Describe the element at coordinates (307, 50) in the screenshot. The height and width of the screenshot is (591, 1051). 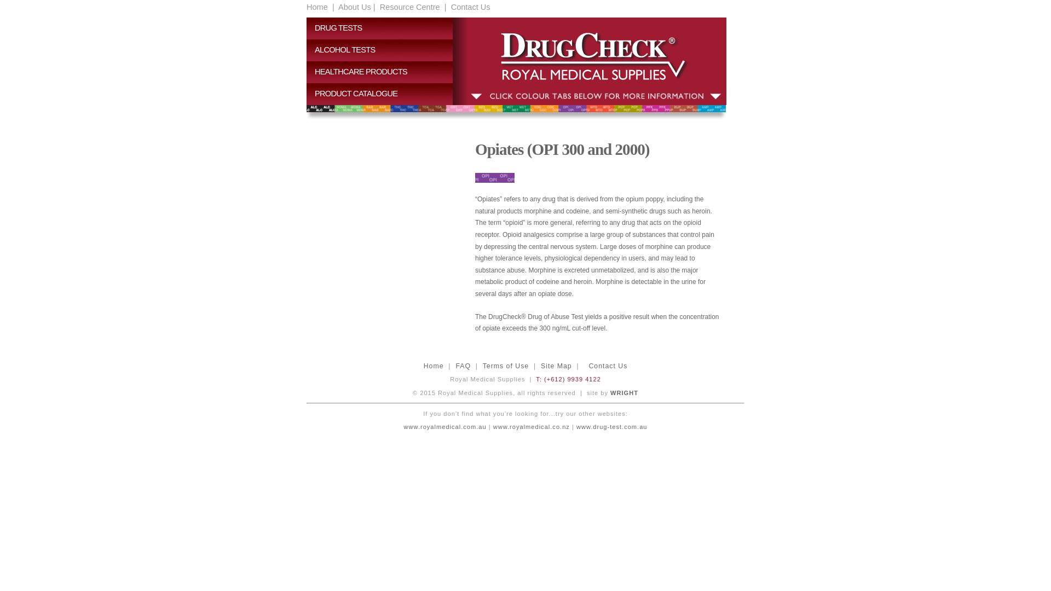
I see `'ALCOHOL TESTS'` at that location.